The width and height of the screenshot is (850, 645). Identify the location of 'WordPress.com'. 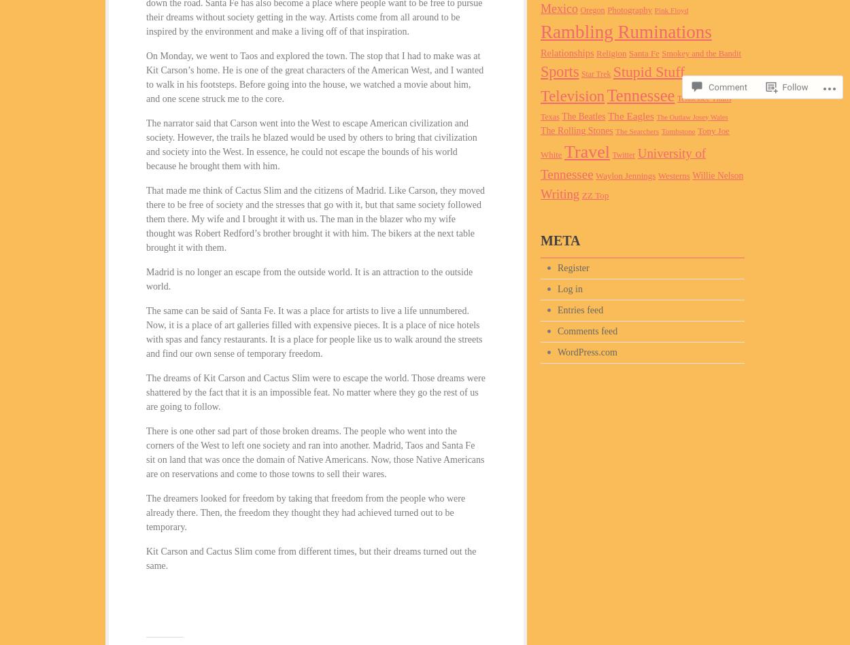
(586, 351).